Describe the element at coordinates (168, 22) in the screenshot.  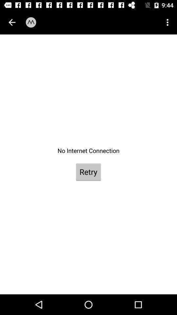
I see `the icon at the top right corner` at that location.